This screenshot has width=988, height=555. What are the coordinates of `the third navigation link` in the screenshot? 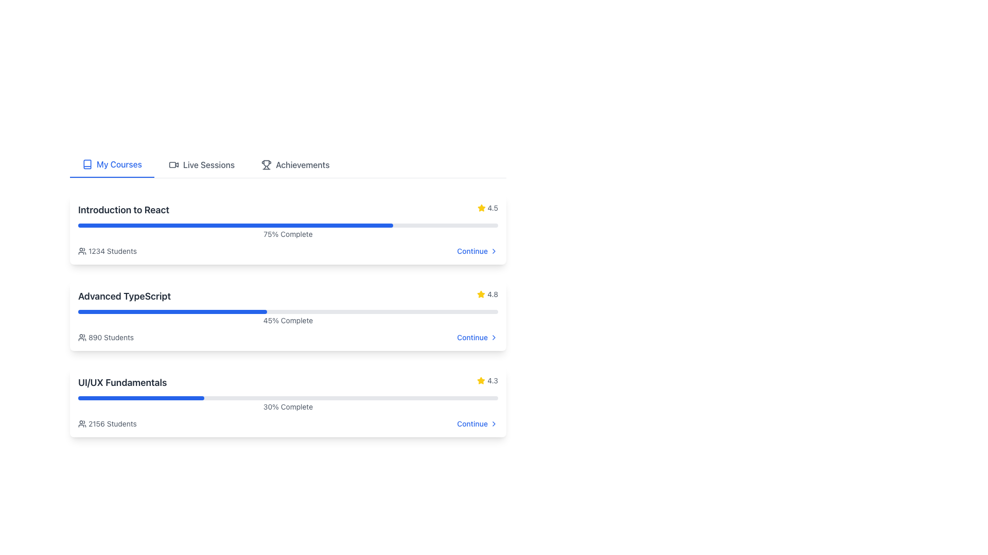 It's located at (295, 164).